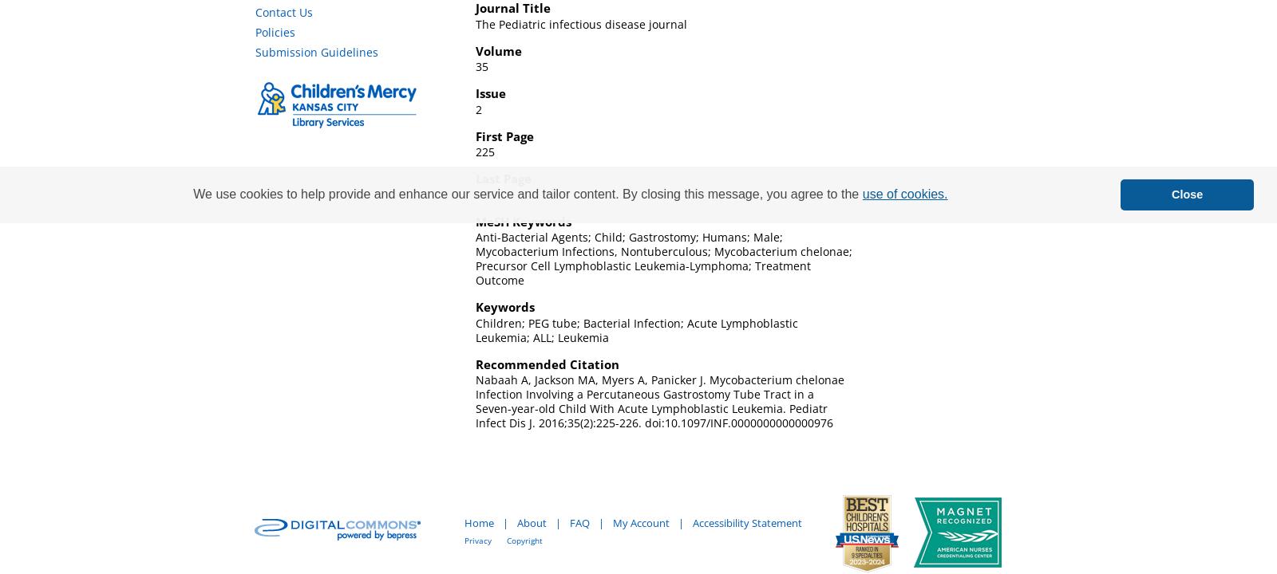  I want to click on 'Anti-Bacterial Agents; Child; Gastrostomy; Humans; Male; Mycobacterium Infections, Nontuberculous; Mycobacterium chelonae; Precursor Cell Lymphoblastic Leukemia-Lymphoma; Treatment Outcome', so click(663, 258).